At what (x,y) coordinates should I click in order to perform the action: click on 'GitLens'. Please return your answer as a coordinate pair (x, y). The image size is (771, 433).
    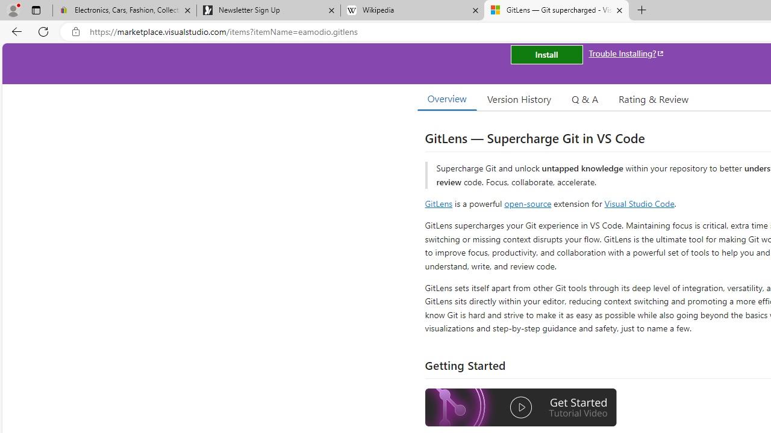
    Looking at the image, I should click on (438, 203).